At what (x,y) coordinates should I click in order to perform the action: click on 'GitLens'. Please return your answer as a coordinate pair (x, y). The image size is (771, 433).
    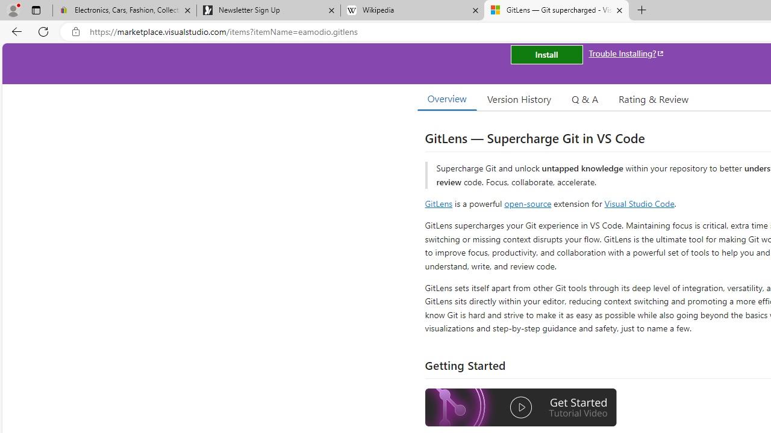
    Looking at the image, I should click on (438, 203).